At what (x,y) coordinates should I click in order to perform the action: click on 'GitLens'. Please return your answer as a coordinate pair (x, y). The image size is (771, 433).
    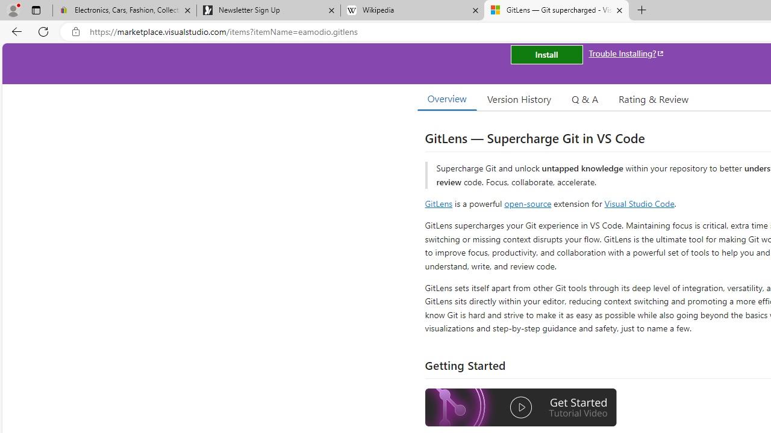
    Looking at the image, I should click on (438, 203).